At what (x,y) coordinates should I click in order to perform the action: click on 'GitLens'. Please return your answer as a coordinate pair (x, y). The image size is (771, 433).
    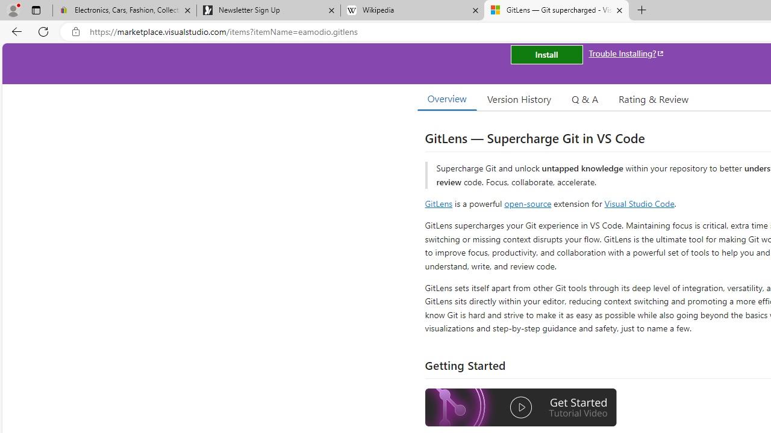
    Looking at the image, I should click on (438, 203).